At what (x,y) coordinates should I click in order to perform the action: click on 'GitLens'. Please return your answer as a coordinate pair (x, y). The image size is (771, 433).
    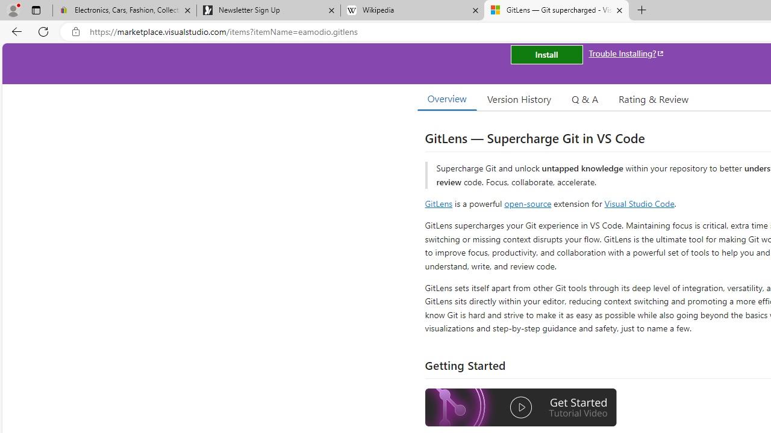
    Looking at the image, I should click on (438, 203).